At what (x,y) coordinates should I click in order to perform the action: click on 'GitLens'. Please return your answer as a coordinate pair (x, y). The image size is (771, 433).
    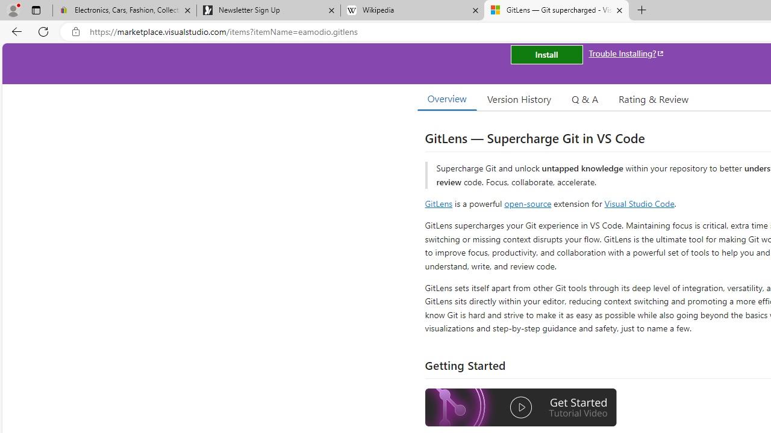
    Looking at the image, I should click on (438, 203).